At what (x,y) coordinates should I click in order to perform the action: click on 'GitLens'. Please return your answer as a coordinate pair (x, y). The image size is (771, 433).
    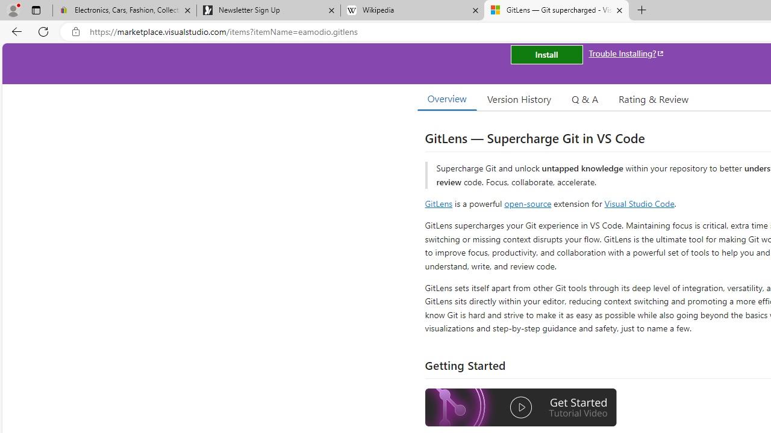
    Looking at the image, I should click on (438, 203).